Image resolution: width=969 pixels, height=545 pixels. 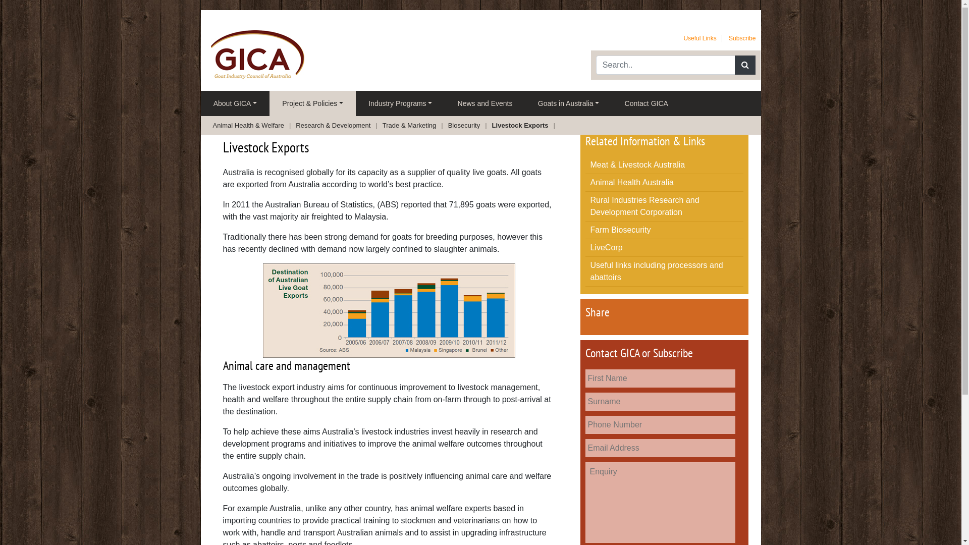 What do you see at coordinates (646, 103) in the screenshot?
I see `'Contact GICA'` at bounding box center [646, 103].